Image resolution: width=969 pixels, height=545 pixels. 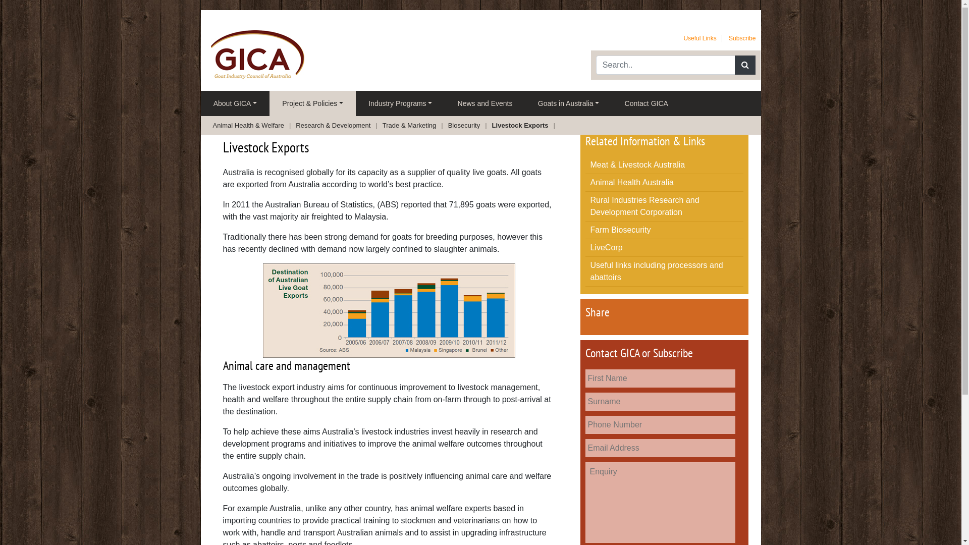 What do you see at coordinates (646, 103) in the screenshot?
I see `'Contact GICA'` at bounding box center [646, 103].